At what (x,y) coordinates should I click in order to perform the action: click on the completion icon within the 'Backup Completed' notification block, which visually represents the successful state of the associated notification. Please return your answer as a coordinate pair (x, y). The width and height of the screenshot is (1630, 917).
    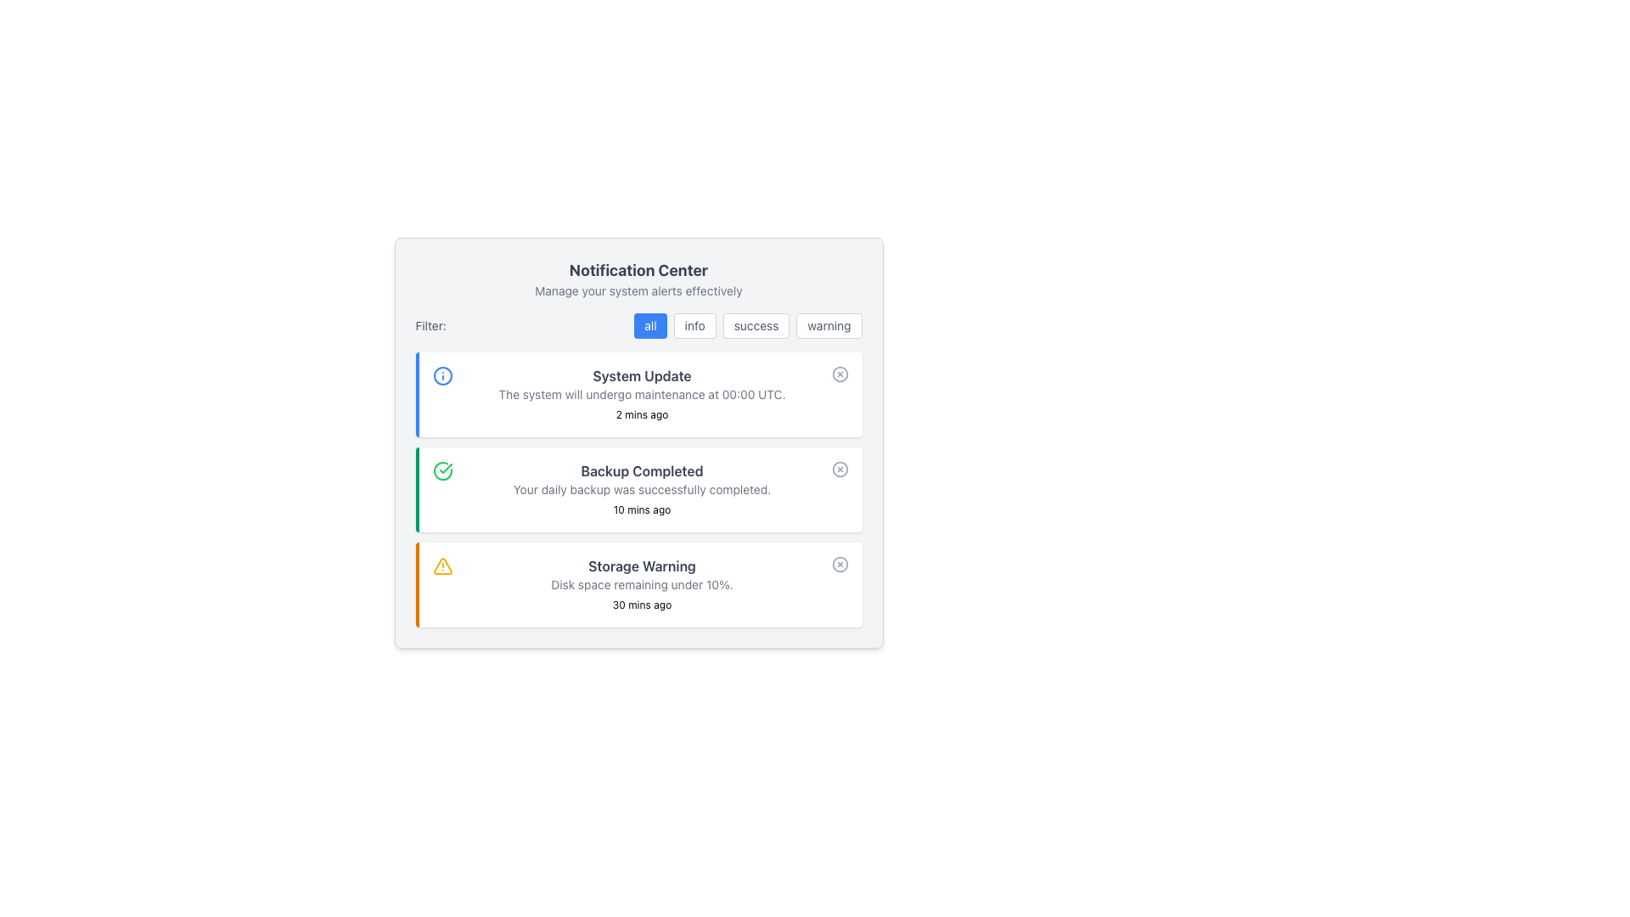
    Looking at the image, I should click on (445, 468).